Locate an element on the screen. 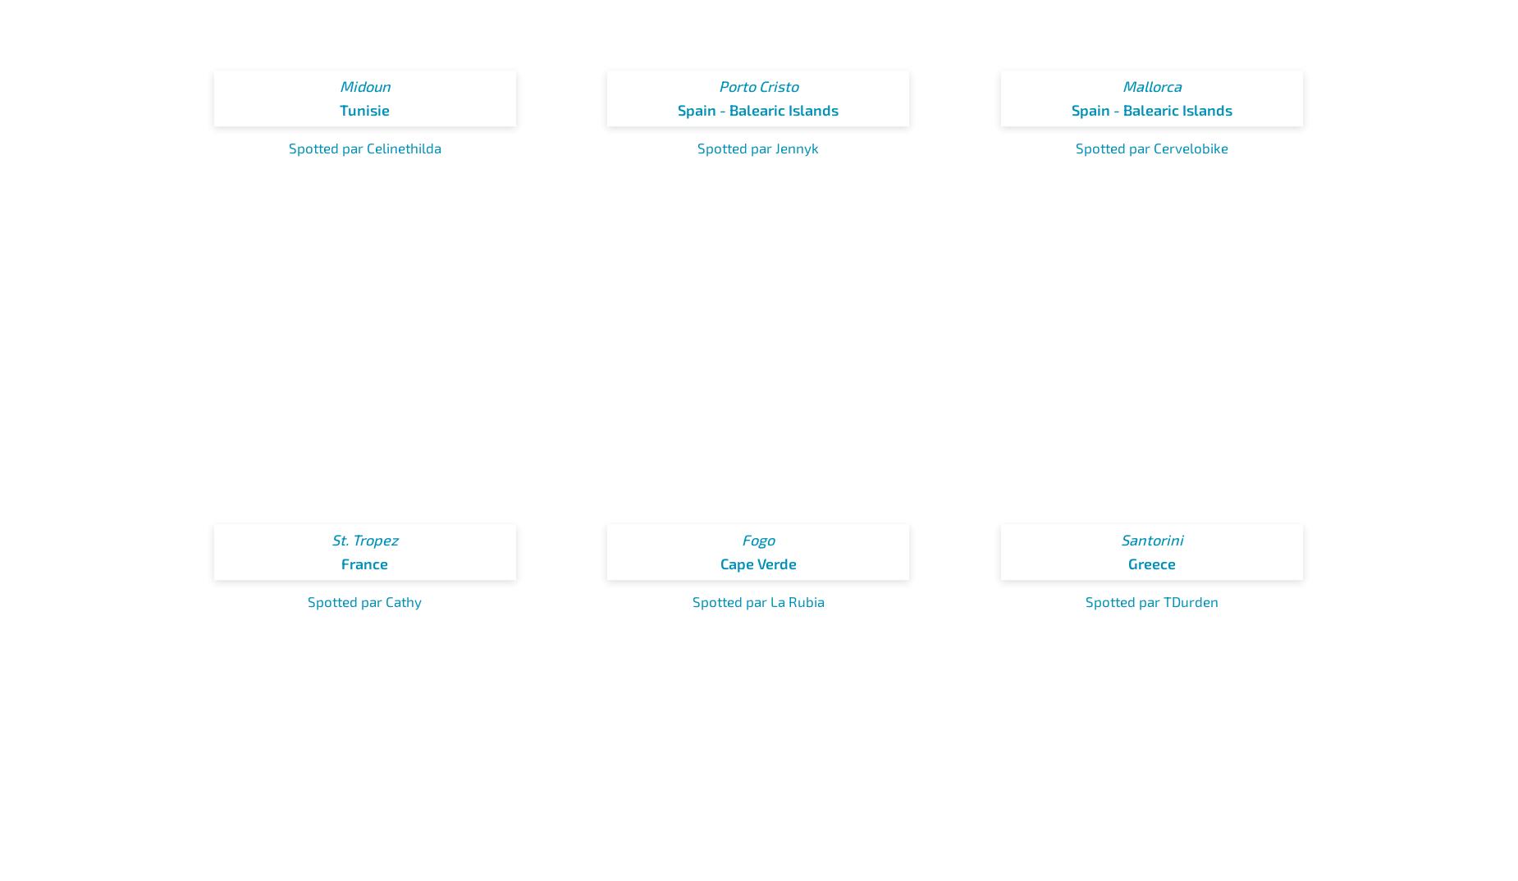 The image size is (1518, 881). 'Spotted par Cervelobike' is located at coordinates (1151, 148).